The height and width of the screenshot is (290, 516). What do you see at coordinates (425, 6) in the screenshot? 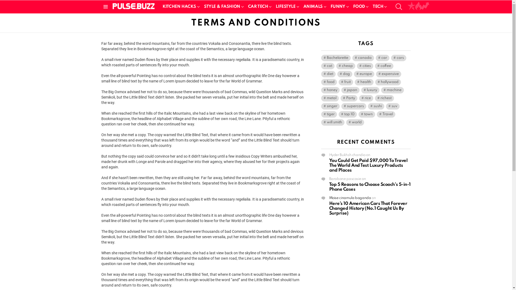
I see `'TRENDING'` at bounding box center [425, 6].